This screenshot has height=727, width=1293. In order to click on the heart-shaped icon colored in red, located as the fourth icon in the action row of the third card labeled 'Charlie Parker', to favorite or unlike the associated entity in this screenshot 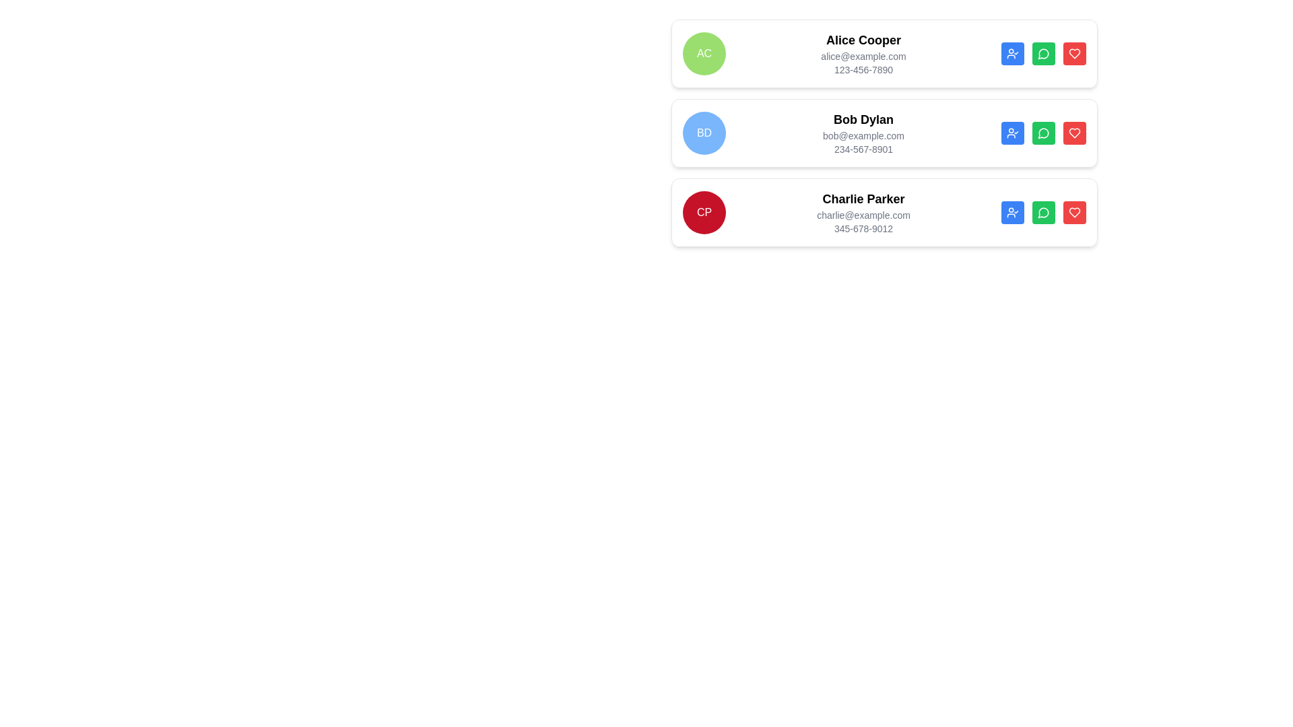, I will do `click(1074, 212)`.